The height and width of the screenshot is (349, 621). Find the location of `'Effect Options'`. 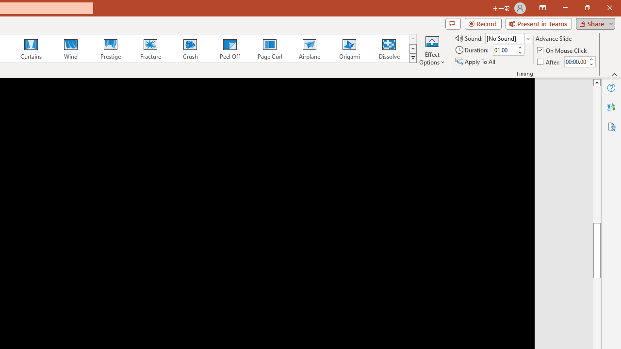

'Effect Options' is located at coordinates (431, 50).